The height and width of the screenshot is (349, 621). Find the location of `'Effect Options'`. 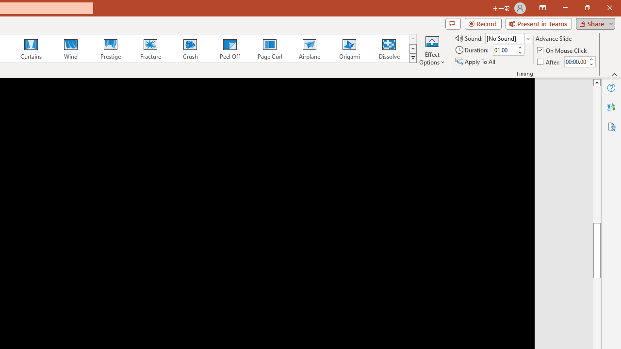

'Effect Options' is located at coordinates (431, 50).